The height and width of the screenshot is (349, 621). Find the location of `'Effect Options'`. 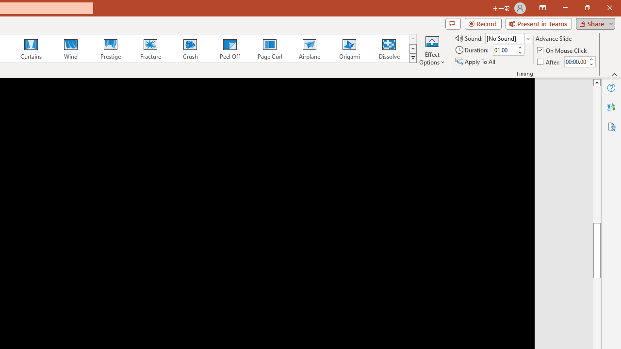

'Effect Options' is located at coordinates (431, 50).